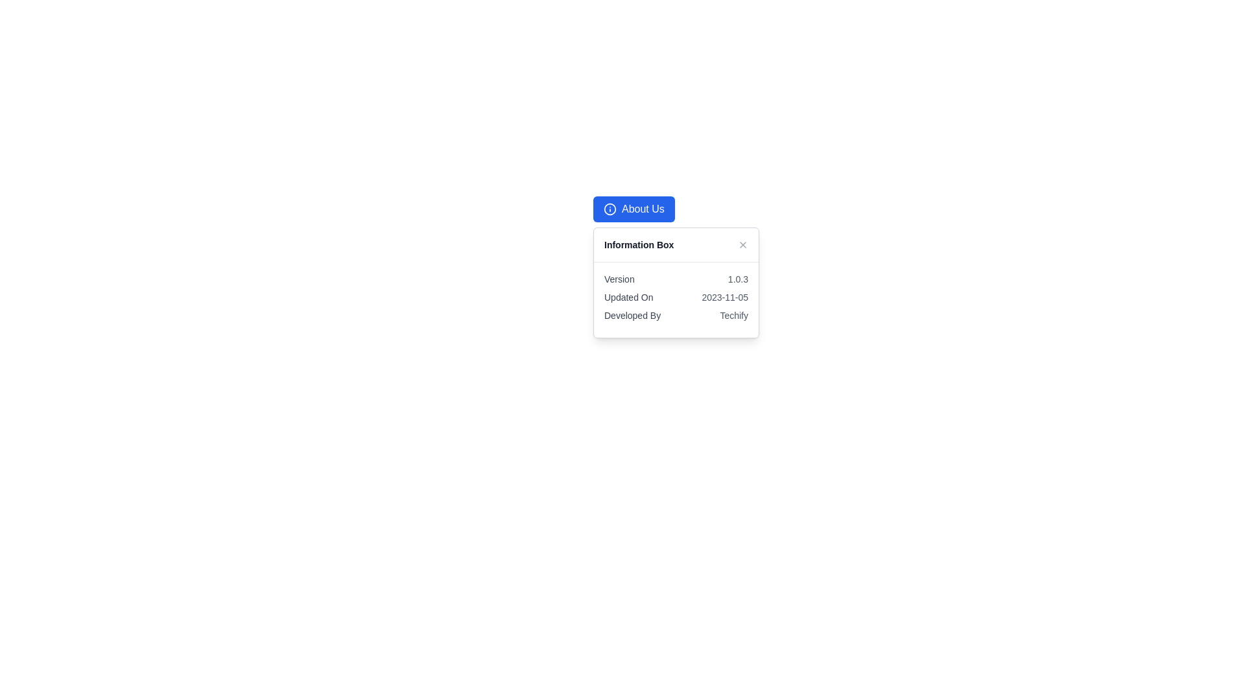 The width and height of the screenshot is (1245, 700). Describe the element at coordinates (675, 297) in the screenshot. I see `last updated date displayed in the second row of the information box, located between the 'Version' entry above and the 'Developed By' entry below` at that location.